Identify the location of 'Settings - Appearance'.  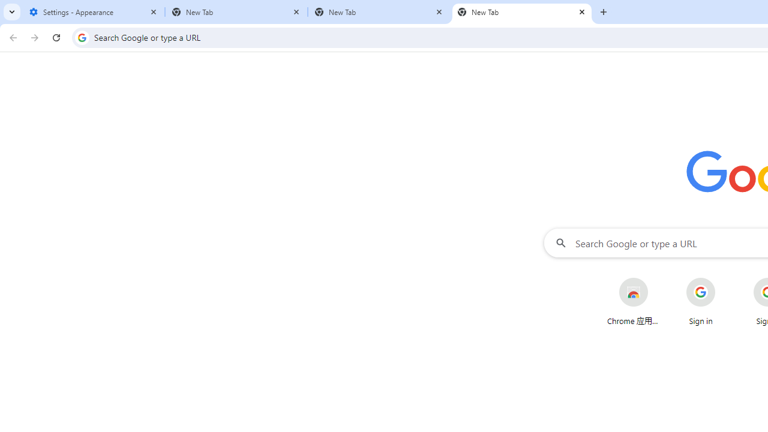
(93, 12).